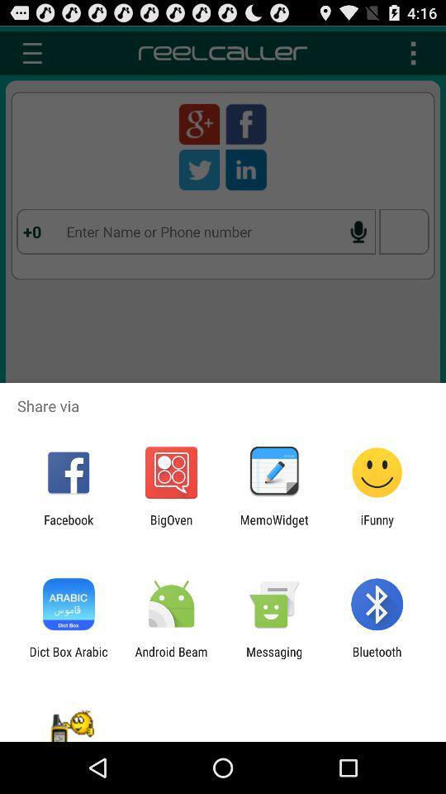  What do you see at coordinates (170, 658) in the screenshot?
I see `icon next to messaging app` at bounding box center [170, 658].